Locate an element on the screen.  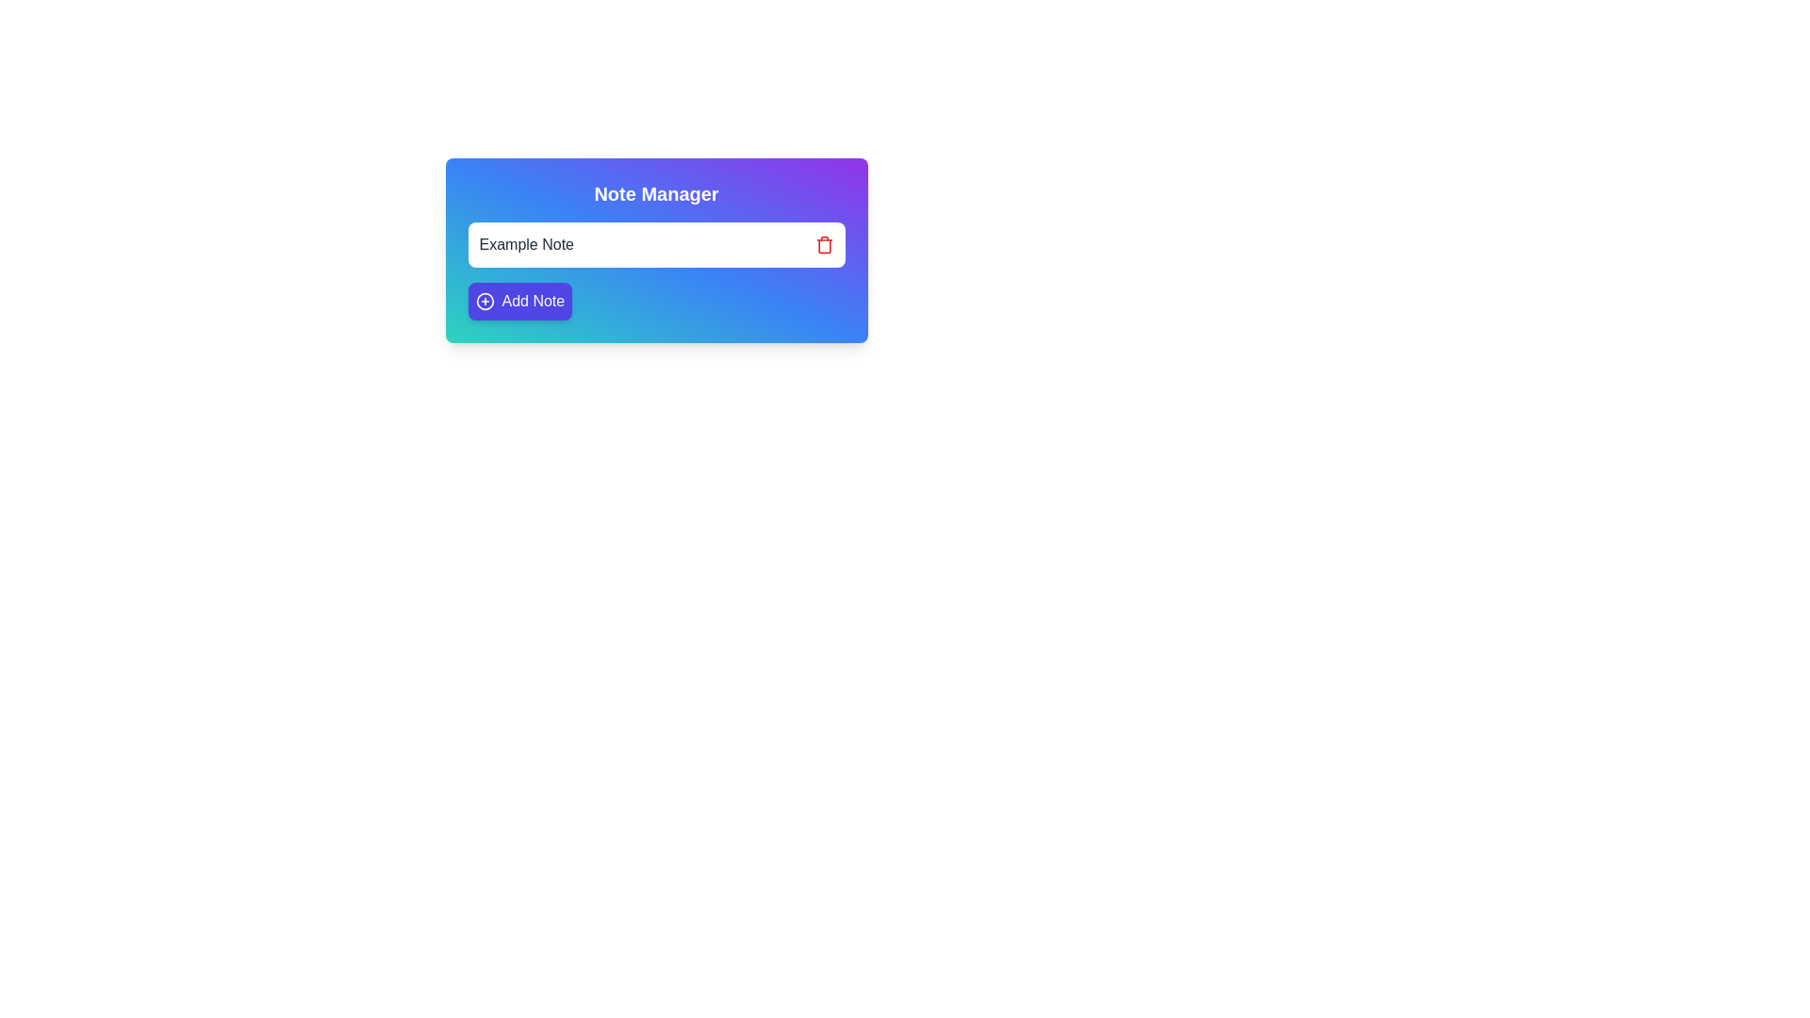
the black-colored static text reading 'Example Note' within a white background box, which is positioned on the left side and horizontally centered towards the top is located at coordinates (526, 243).